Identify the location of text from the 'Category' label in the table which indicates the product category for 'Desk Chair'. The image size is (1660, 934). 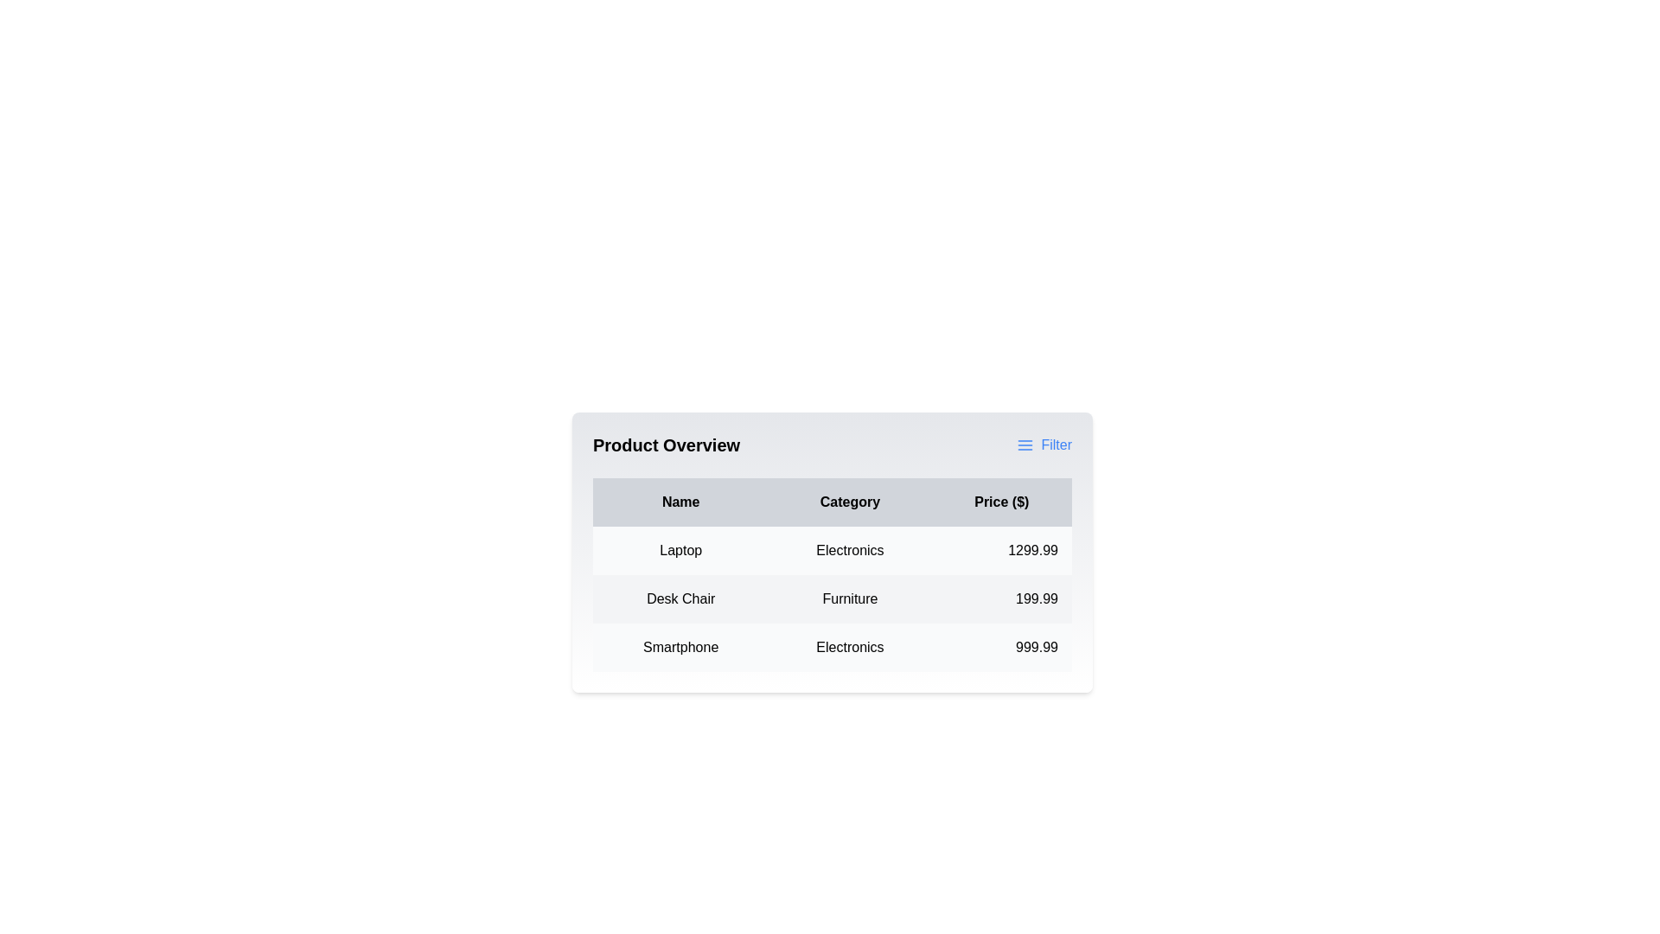
(850, 598).